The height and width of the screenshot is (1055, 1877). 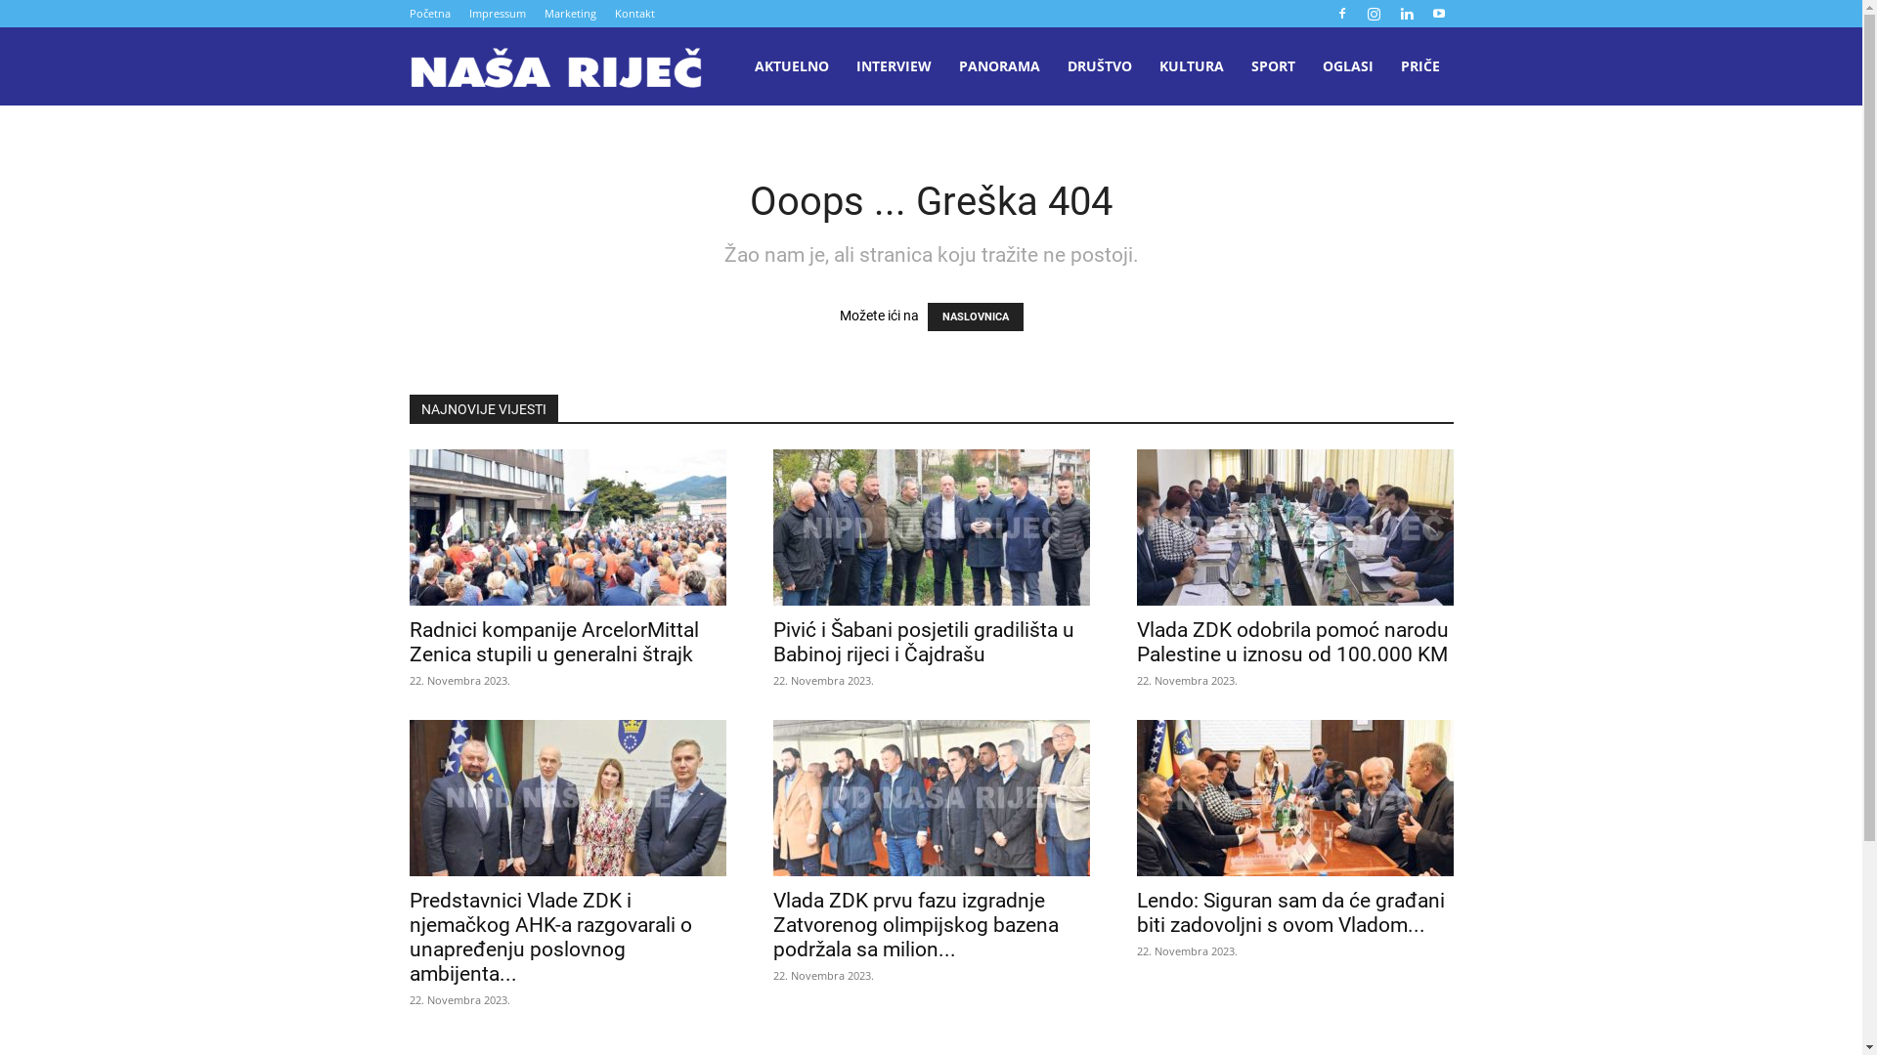 I want to click on 'Instagram', so click(x=1373, y=14).